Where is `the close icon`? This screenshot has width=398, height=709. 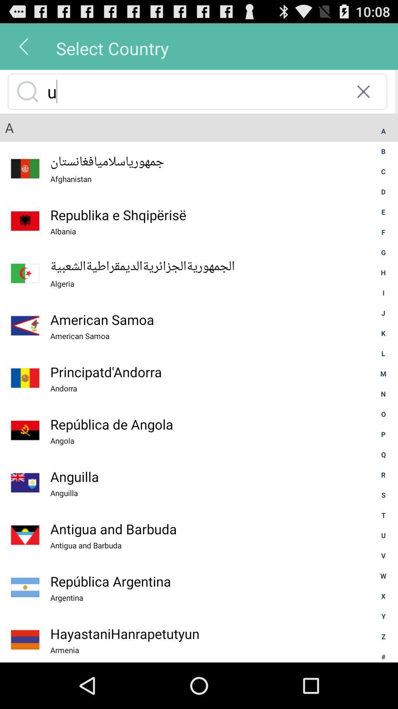 the close icon is located at coordinates (363, 97).